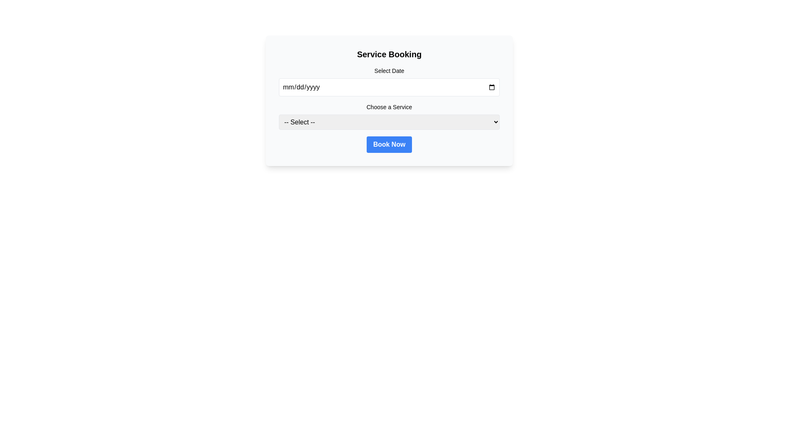  What do you see at coordinates (389, 106) in the screenshot?
I see `the label that provides a description for the dropdown menu labeled '-- Select --', positioned directly above it` at bounding box center [389, 106].